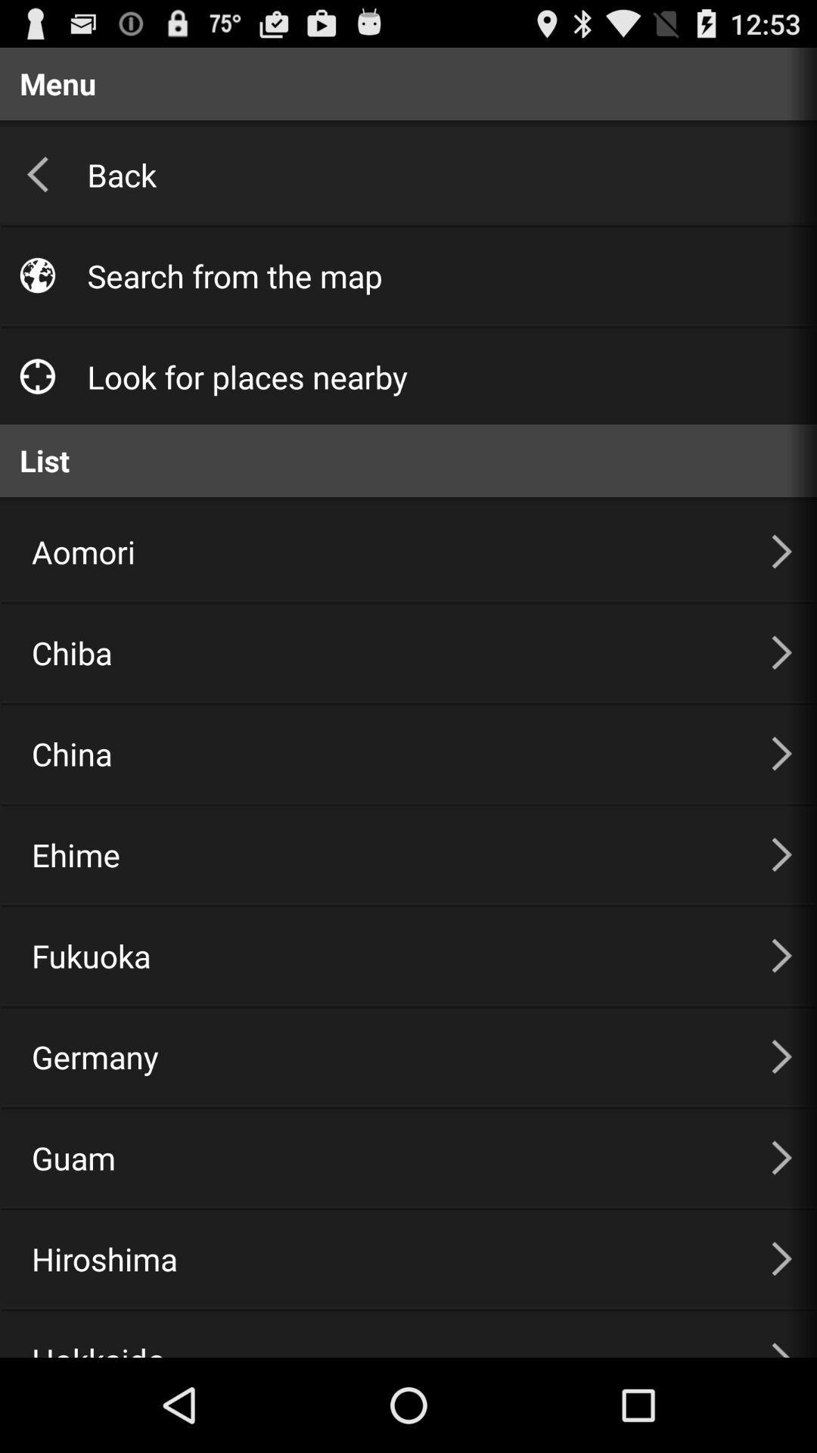 The width and height of the screenshot is (817, 1453). Describe the element at coordinates (382, 753) in the screenshot. I see `china item` at that location.